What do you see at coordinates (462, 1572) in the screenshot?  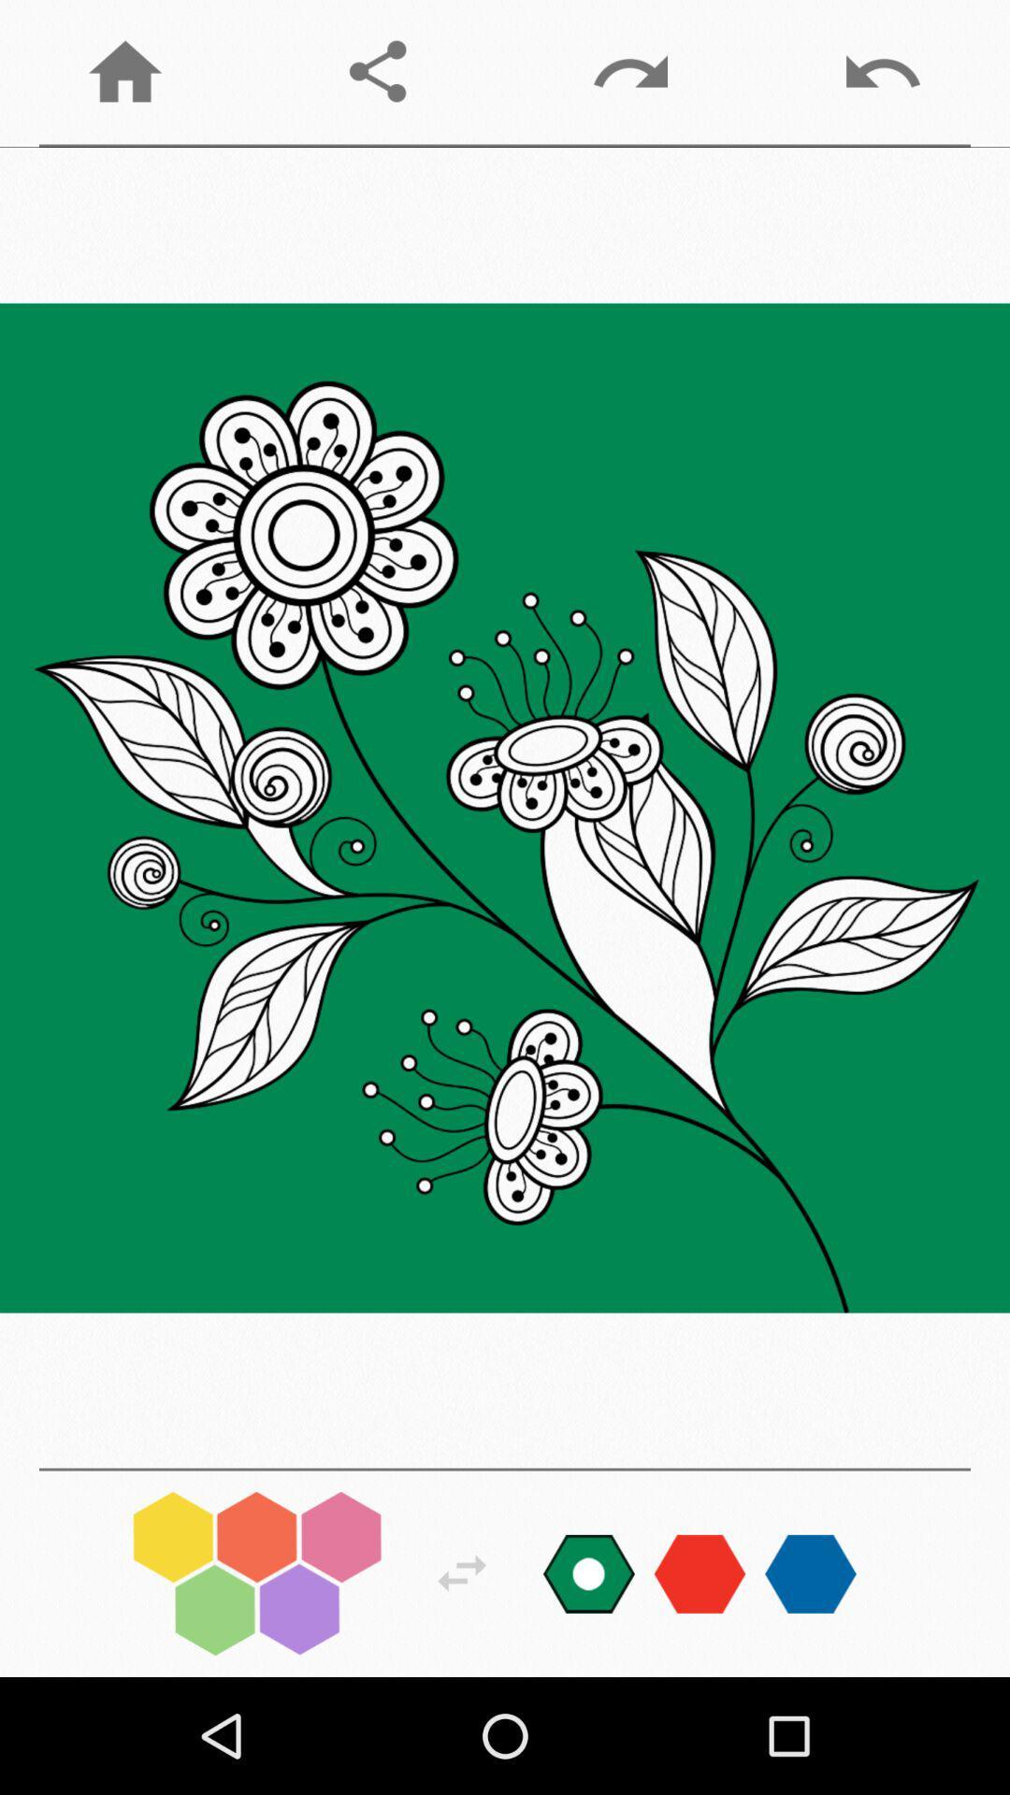 I see `the swap icon` at bounding box center [462, 1572].